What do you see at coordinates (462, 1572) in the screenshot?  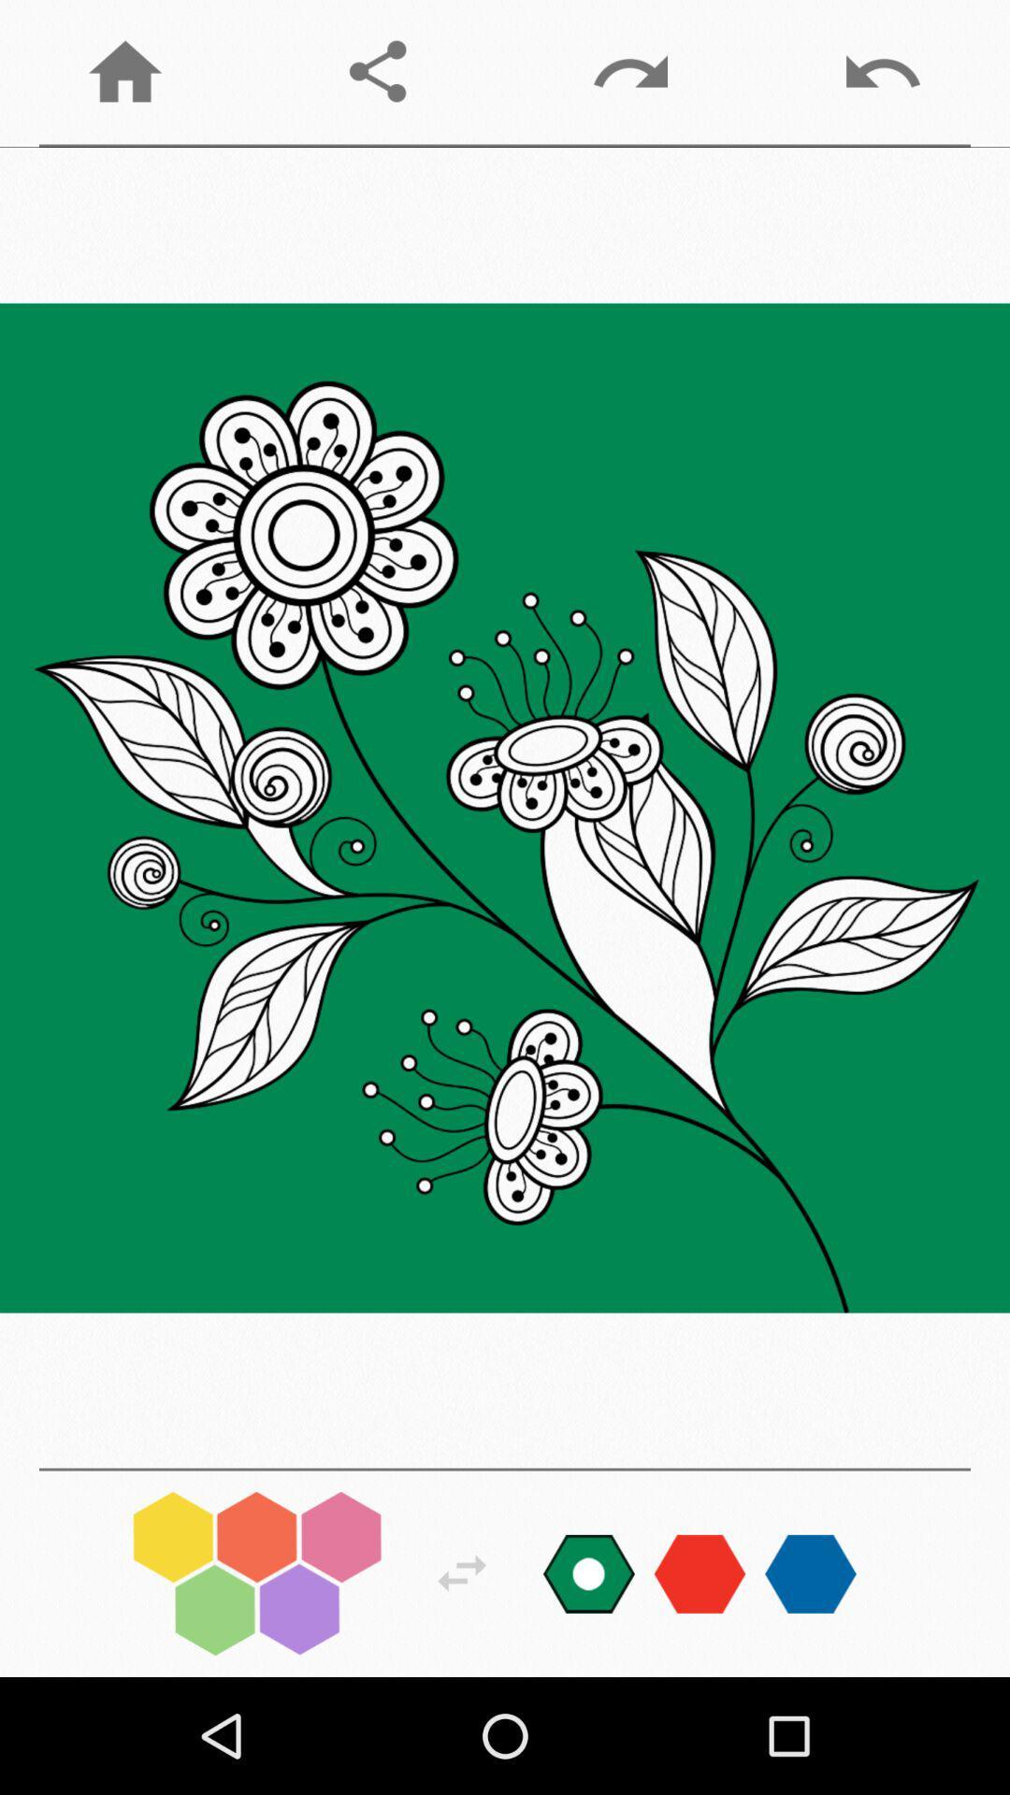 I see `the swap icon` at bounding box center [462, 1572].